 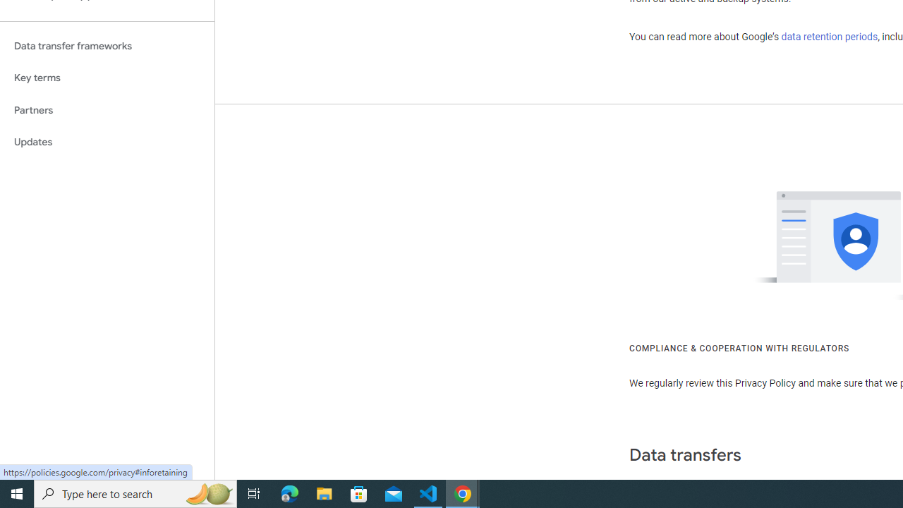 I want to click on 'Updates', so click(x=107, y=142).